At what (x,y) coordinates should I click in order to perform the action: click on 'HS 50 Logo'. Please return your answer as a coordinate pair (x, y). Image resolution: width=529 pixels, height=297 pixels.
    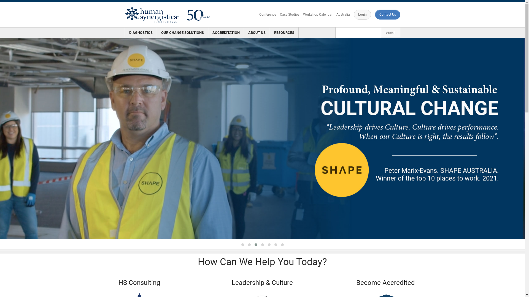
    Looking at the image, I should click on (124, 14).